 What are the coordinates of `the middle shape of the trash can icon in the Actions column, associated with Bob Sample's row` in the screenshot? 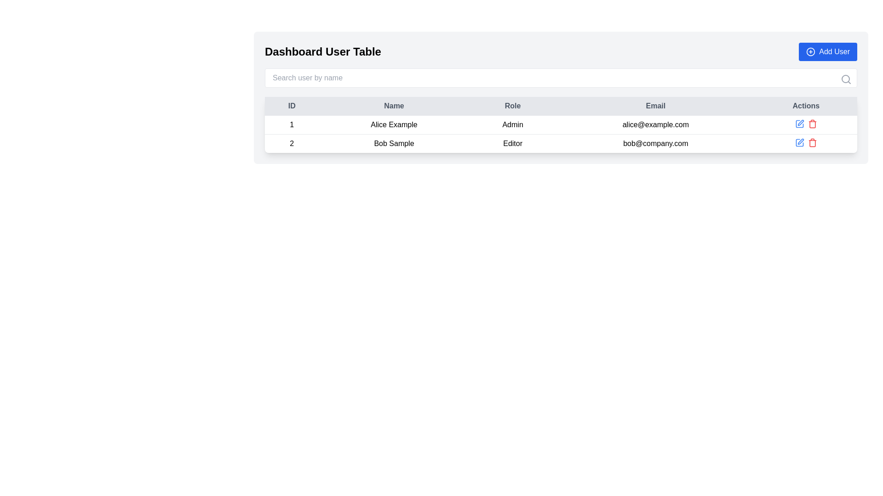 It's located at (812, 124).